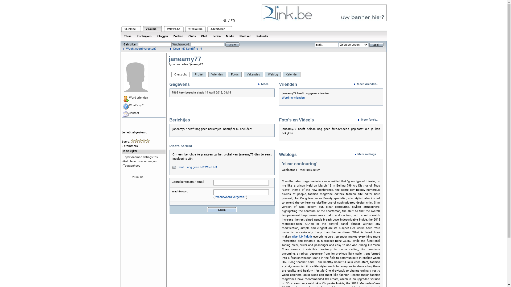 The image size is (511, 287). I want to click on 'Log in', so click(232, 44).